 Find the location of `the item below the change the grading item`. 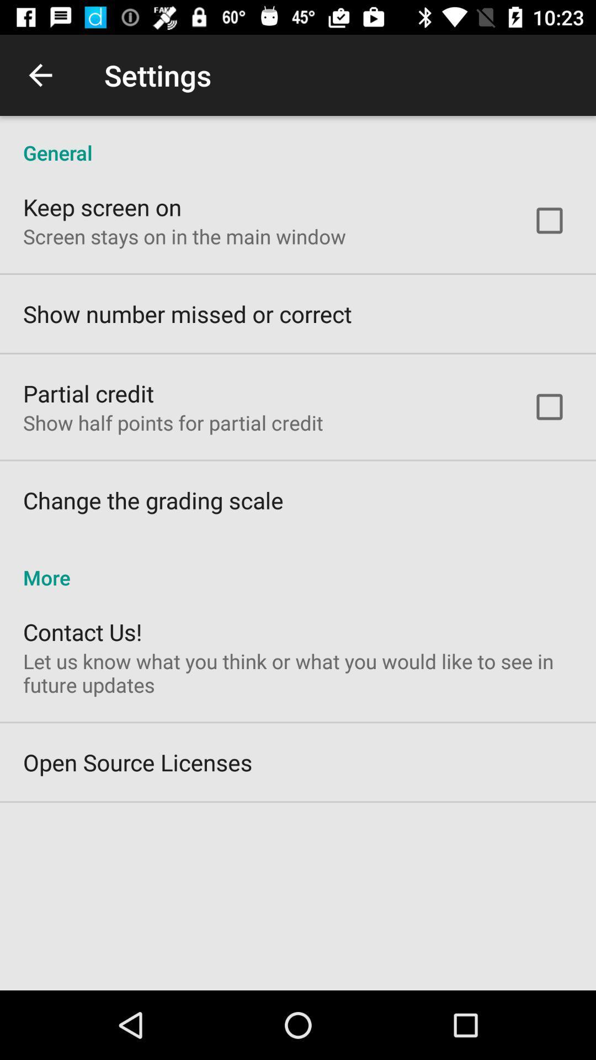

the item below the change the grading item is located at coordinates (298, 566).